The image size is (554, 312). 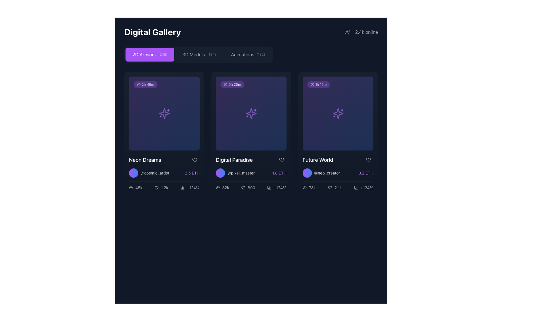 What do you see at coordinates (164, 188) in the screenshot?
I see `the Text Label displaying the number of likes or favorites, located to the right of the heart icon in the details section of the first card in the gallery row` at bounding box center [164, 188].